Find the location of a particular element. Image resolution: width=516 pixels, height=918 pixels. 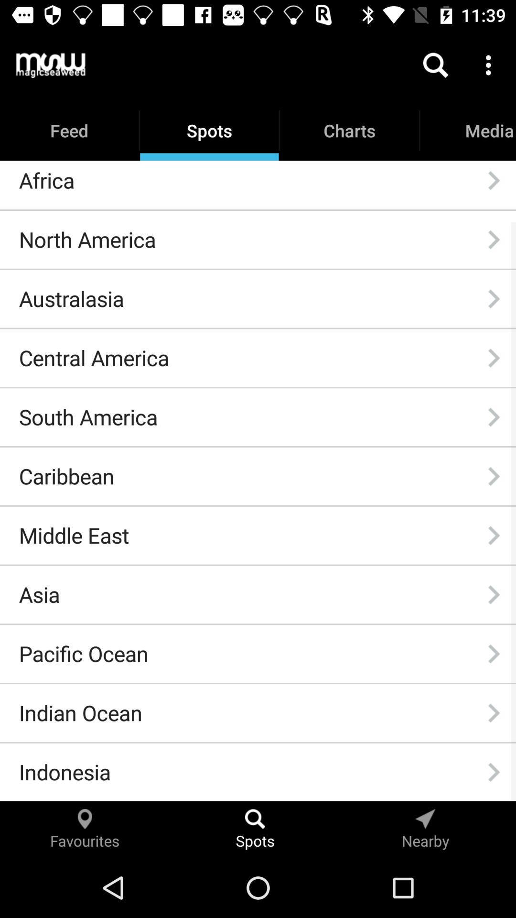

item above caribbean icon is located at coordinates (88, 417).